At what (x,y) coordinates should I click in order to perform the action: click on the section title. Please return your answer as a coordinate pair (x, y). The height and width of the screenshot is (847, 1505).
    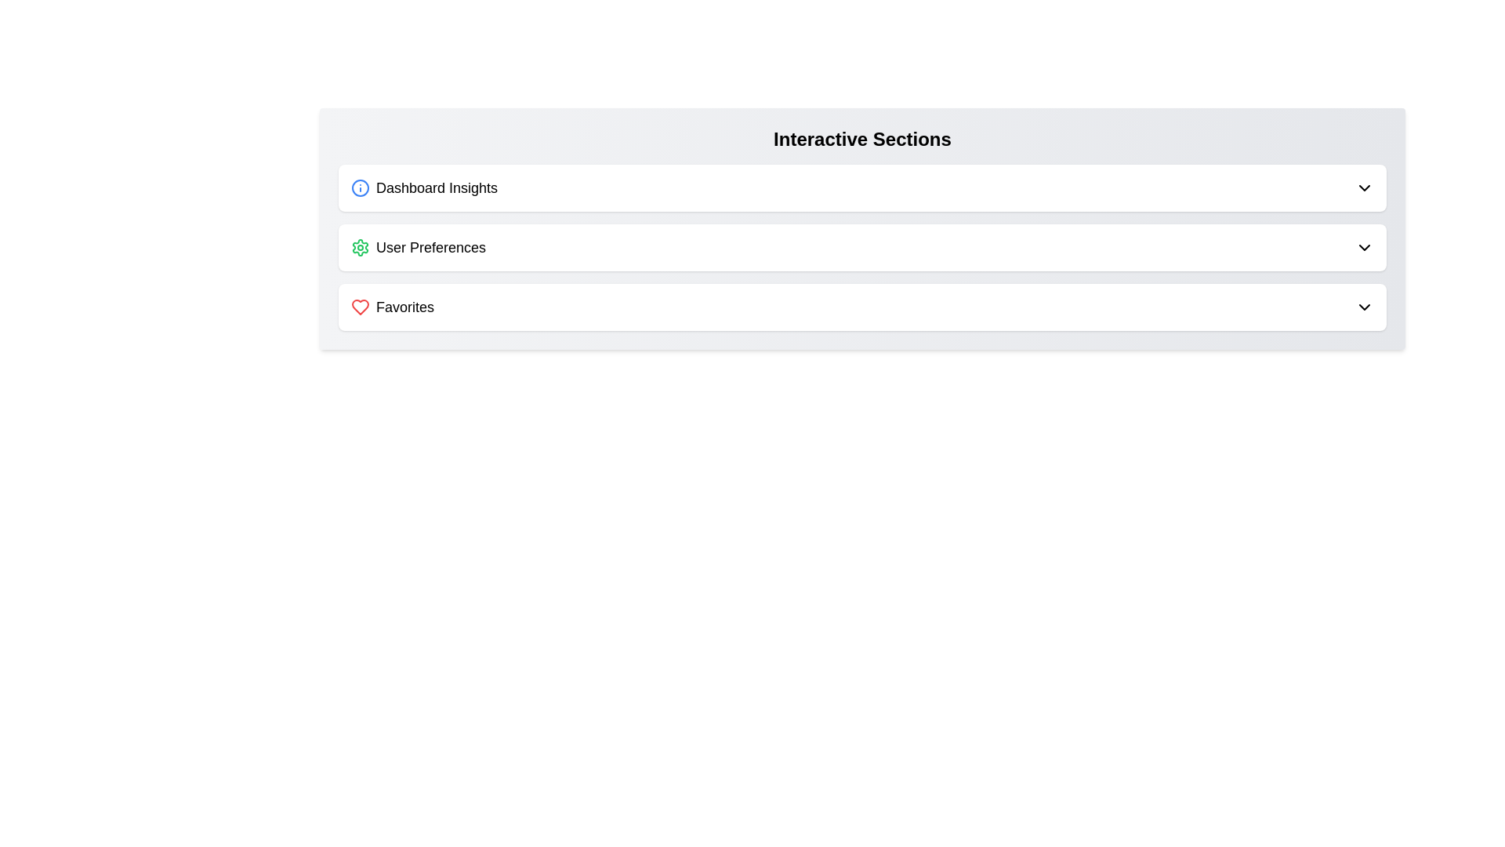
    Looking at the image, I should click on (418, 247).